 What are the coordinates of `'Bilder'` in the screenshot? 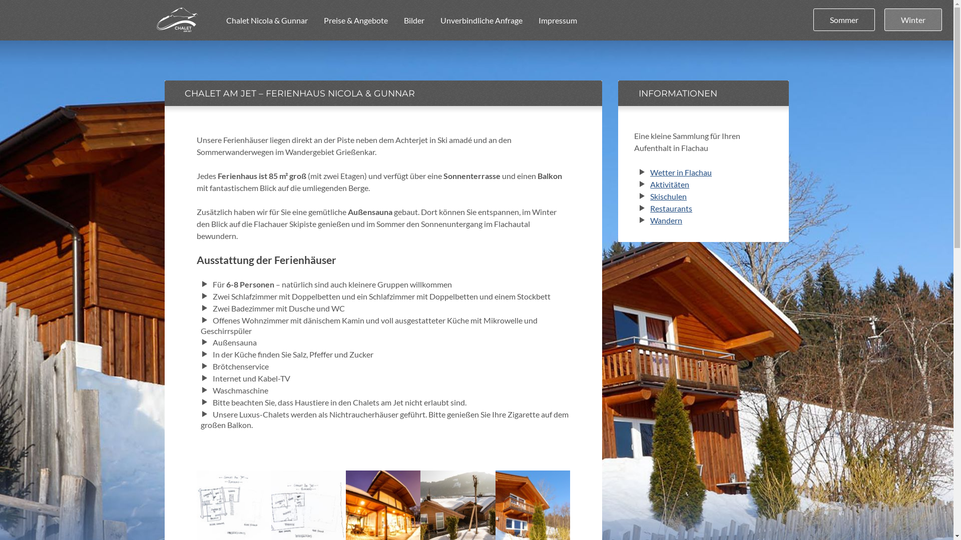 It's located at (413, 20).